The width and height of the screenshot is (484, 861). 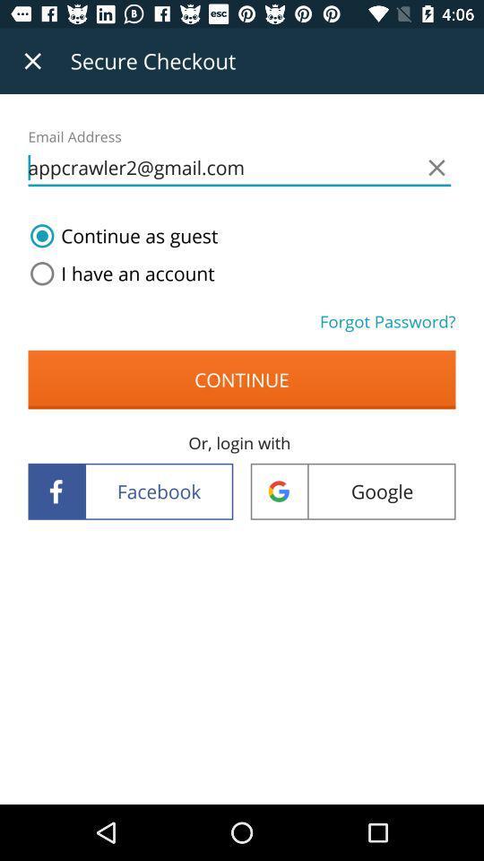 I want to click on the item above continue item, so click(x=118, y=274).